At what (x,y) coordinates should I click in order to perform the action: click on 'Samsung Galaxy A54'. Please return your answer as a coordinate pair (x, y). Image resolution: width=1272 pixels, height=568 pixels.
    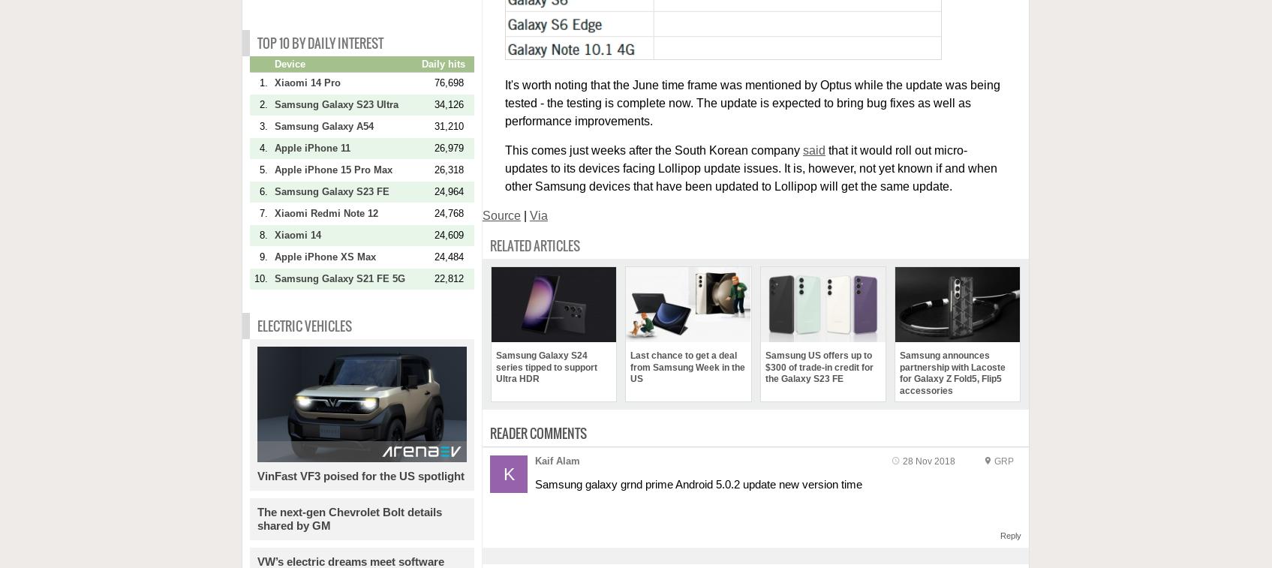
    Looking at the image, I should click on (323, 125).